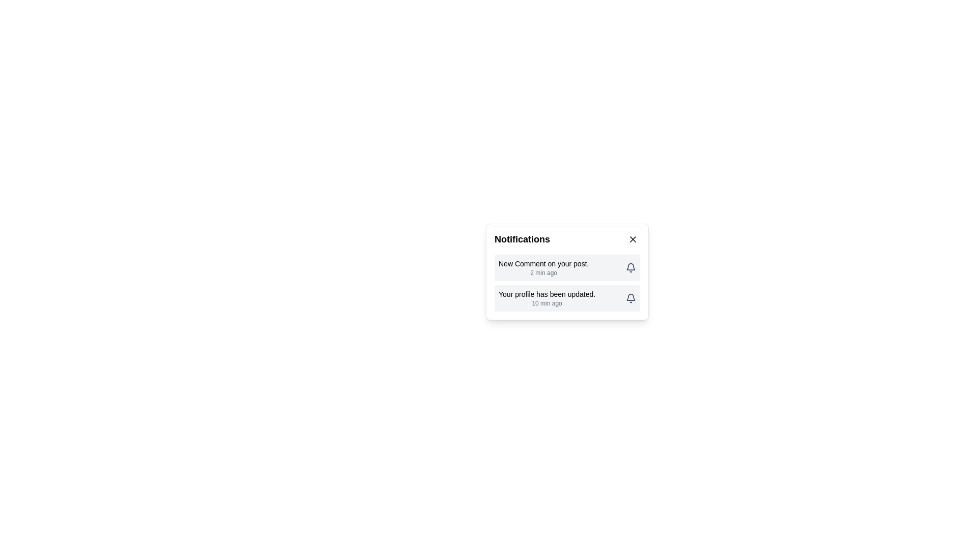  Describe the element at coordinates (632, 239) in the screenshot. I see `the close icon button located in the top-right corner of the notification popup to change its background color` at that location.